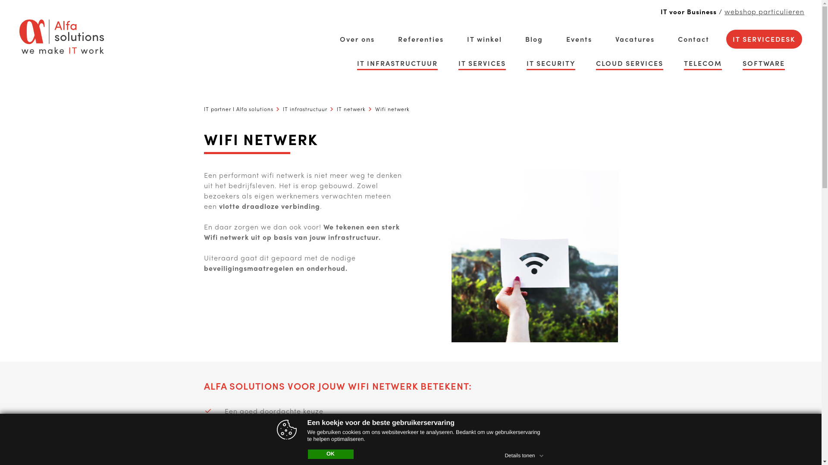 This screenshot has width=828, height=465. What do you see at coordinates (305, 108) in the screenshot?
I see `'IT infrastructuur'` at bounding box center [305, 108].